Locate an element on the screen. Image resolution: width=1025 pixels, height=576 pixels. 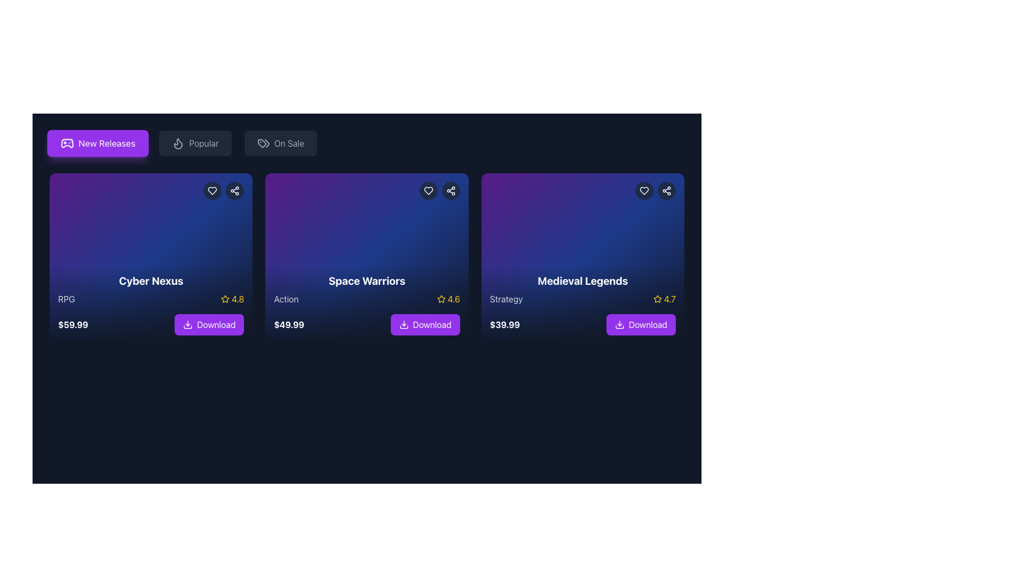
the download button for 'Space Warriors' content, located in the second card element below the title and price, to change its background color is located at coordinates (424, 324).